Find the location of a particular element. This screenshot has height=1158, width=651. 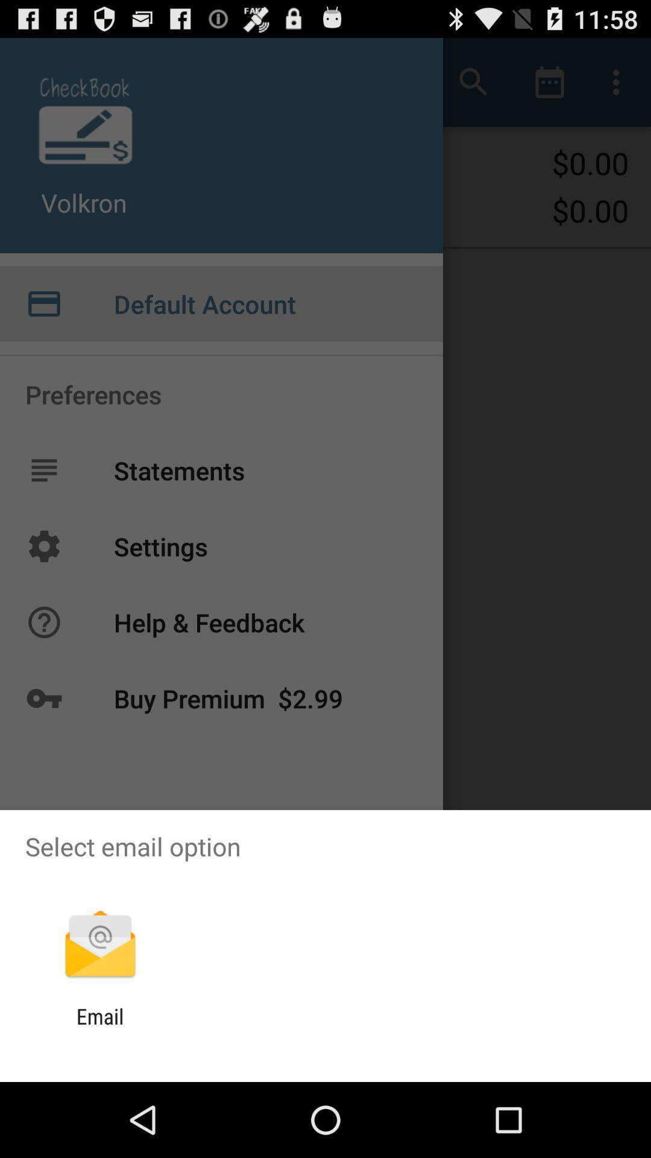

app above email item is located at coordinates (99, 945).